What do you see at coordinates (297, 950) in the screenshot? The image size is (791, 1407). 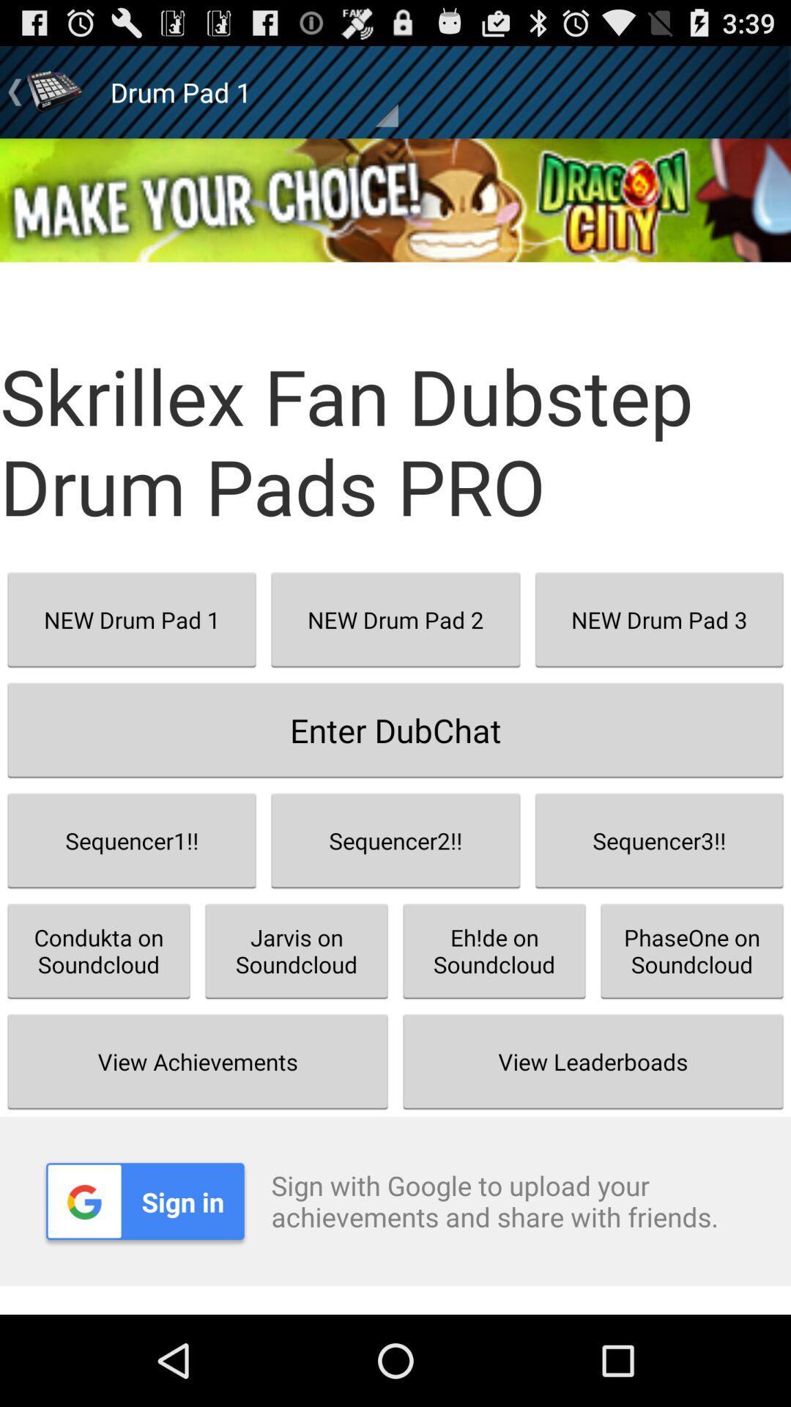 I see `the item to the left of the eh de on` at bounding box center [297, 950].